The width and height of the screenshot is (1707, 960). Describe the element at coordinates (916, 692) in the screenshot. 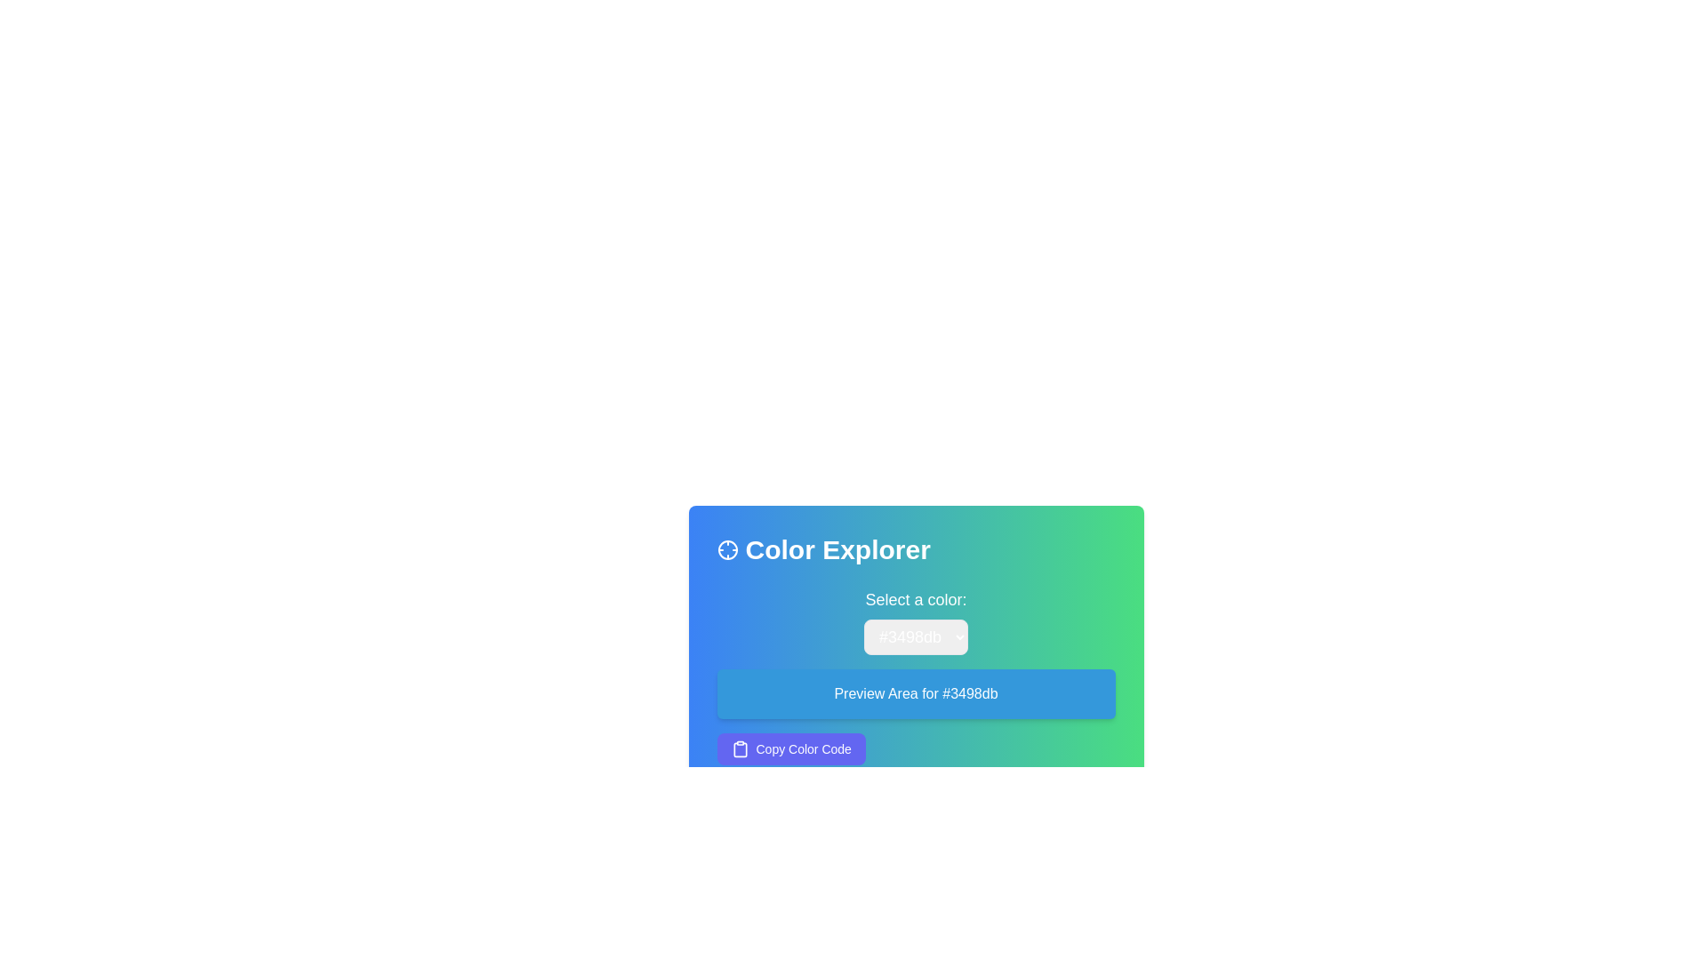

I see `the Static Text Label indicating the preview area of the selected color ('#3498db'), which is located within a blue rectangular box at the lower portion of the color explorer interface` at that location.